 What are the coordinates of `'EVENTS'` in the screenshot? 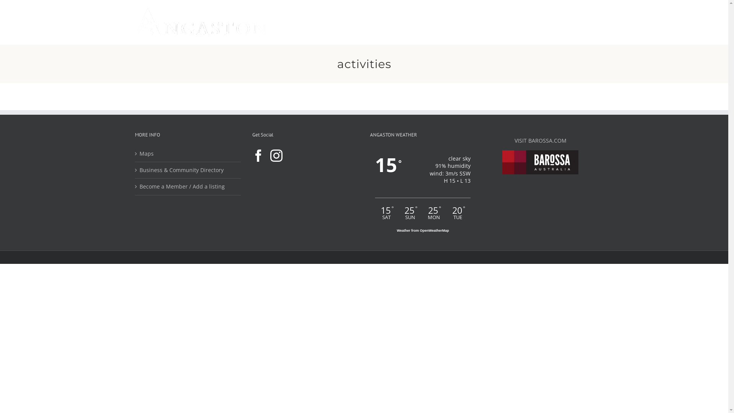 It's located at (520, 22).